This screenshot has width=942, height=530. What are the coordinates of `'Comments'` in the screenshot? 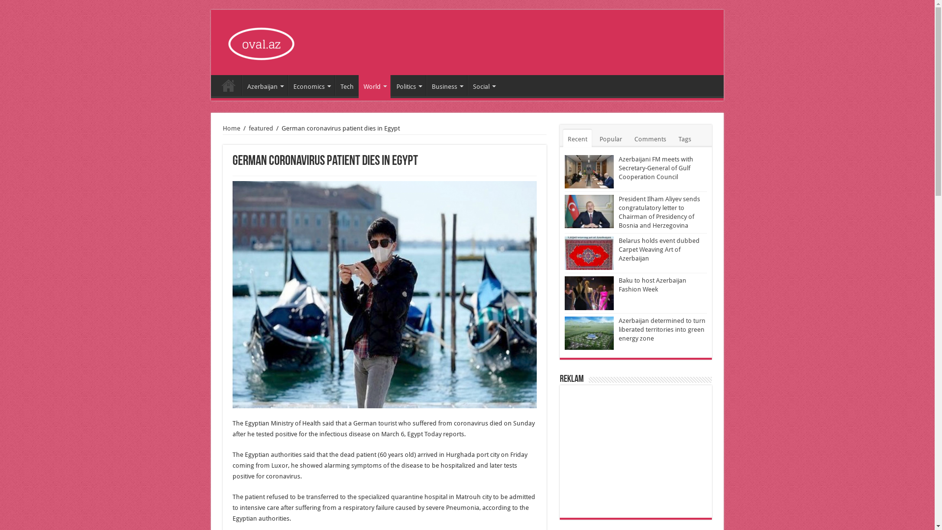 It's located at (650, 138).